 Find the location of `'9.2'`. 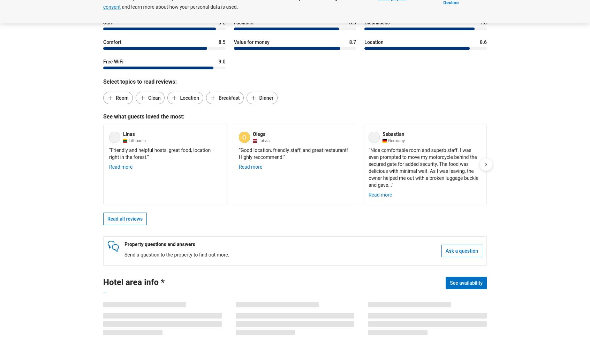

'9.2' is located at coordinates (222, 22).